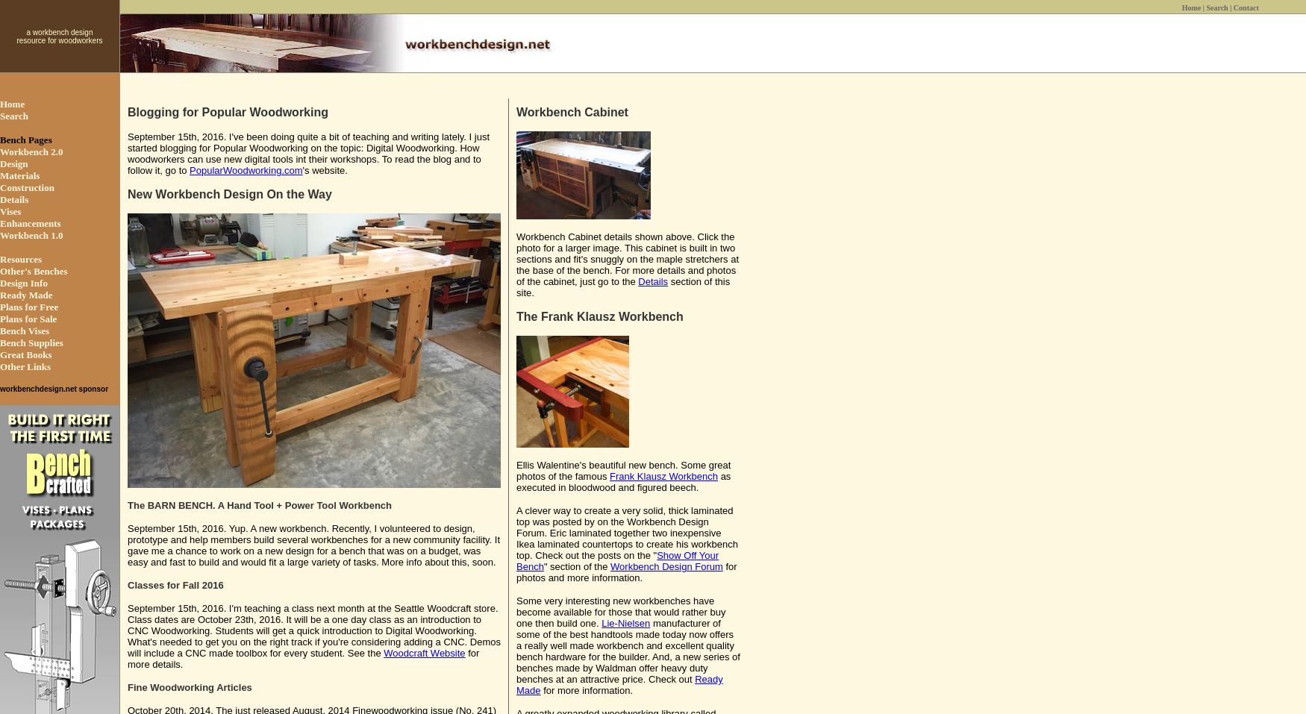 This screenshot has height=714, width=1306. I want to click on 'for more information.', so click(540, 690).